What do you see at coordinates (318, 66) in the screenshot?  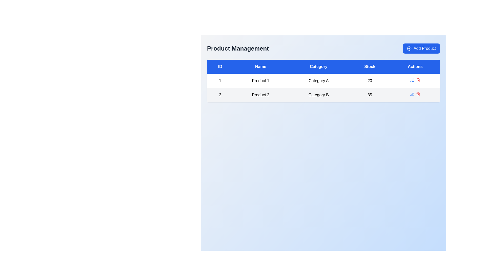 I see `the 'Category' table header label` at bounding box center [318, 66].